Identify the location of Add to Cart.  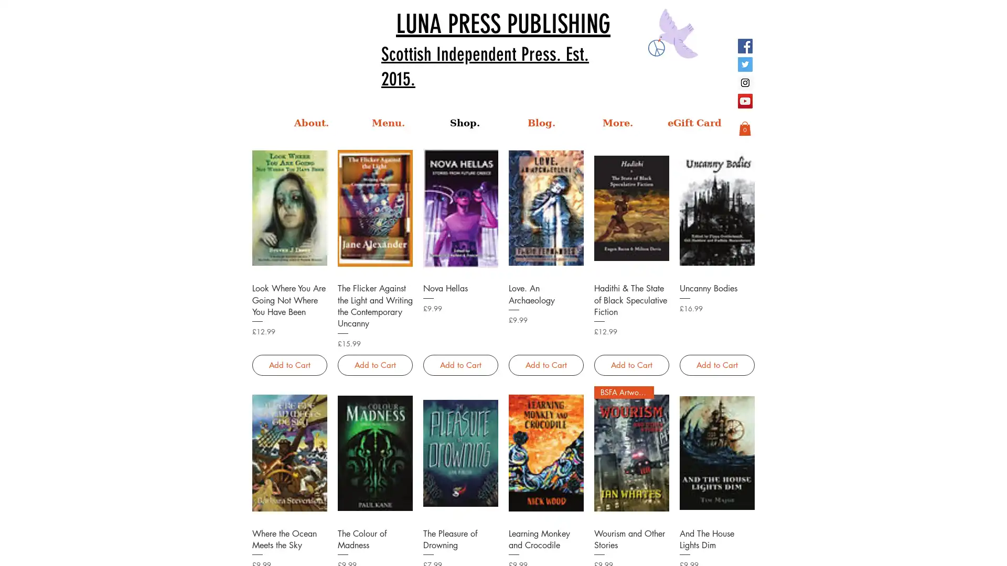
(460, 364).